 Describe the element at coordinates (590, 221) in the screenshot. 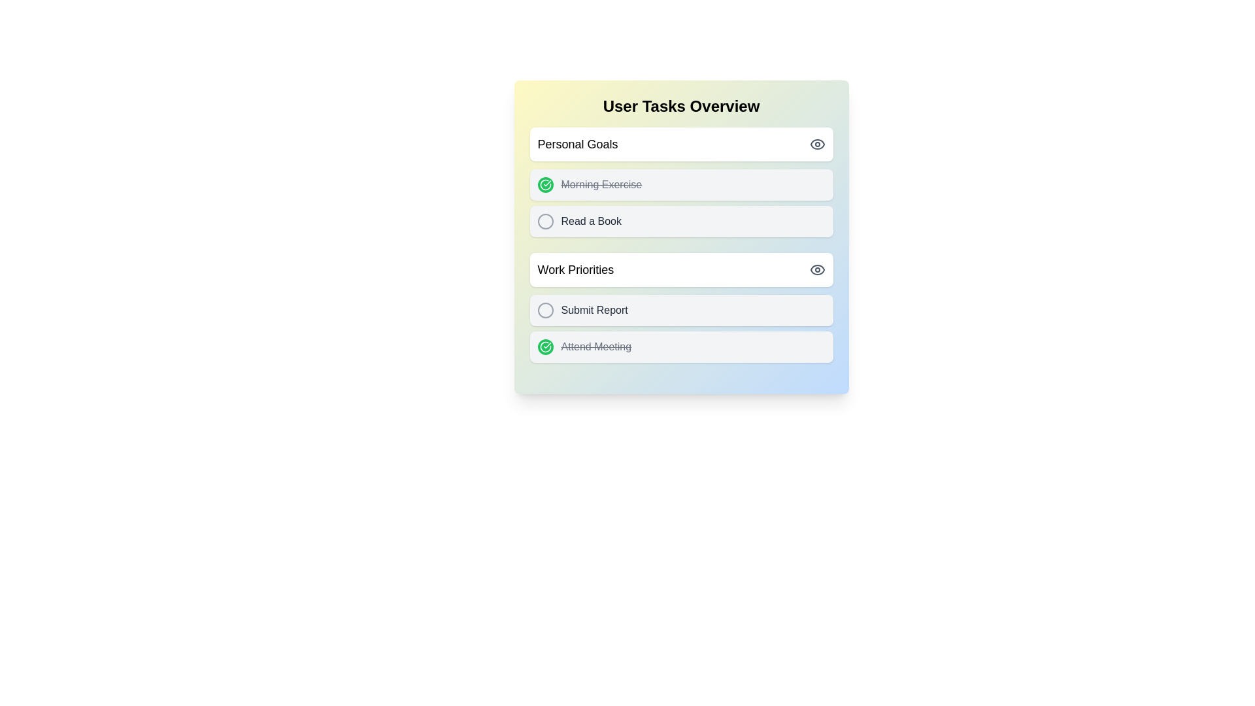

I see `the text label associated with the checkbox that describes the task under 'Personal Goals', specifically the second item in the list located below 'Morning Exercise'` at that location.